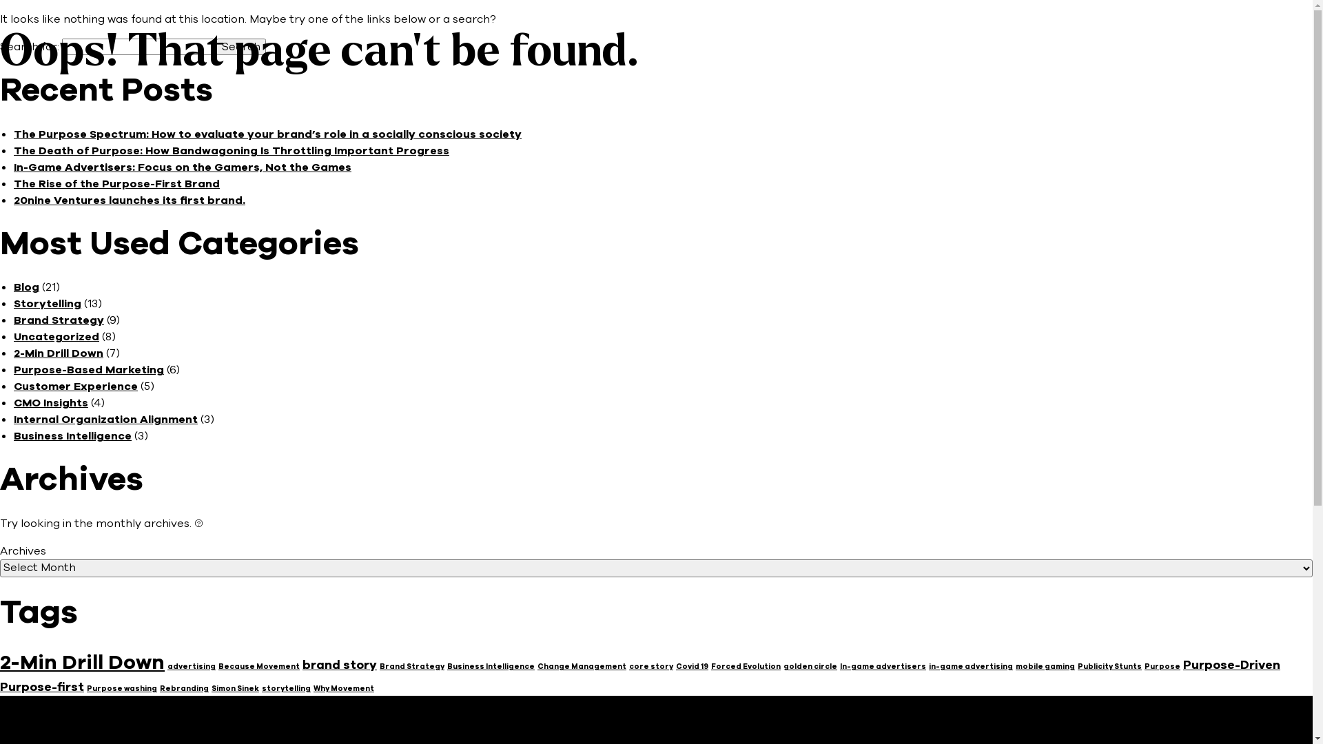 The width and height of the screenshot is (1323, 744). I want to click on 'Search', so click(241, 46).